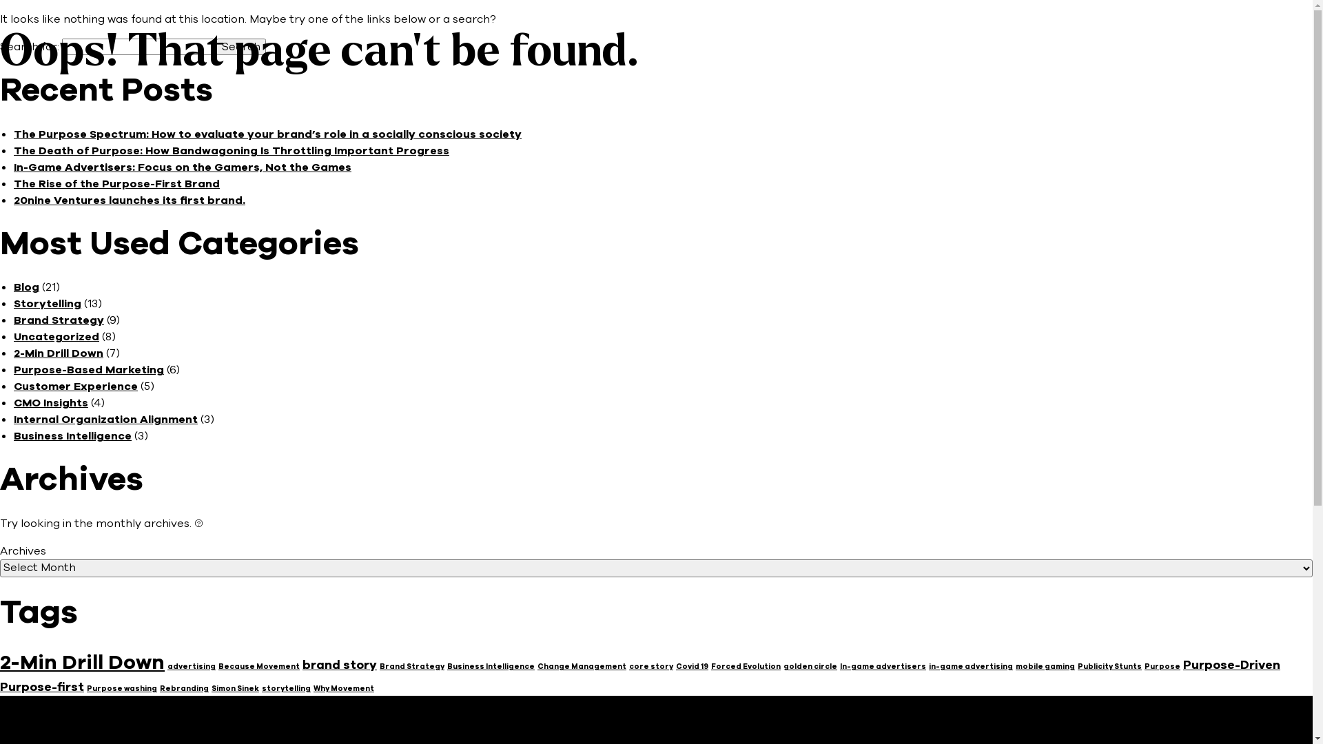 The width and height of the screenshot is (1323, 744). I want to click on 'Search', so click(241, 46).